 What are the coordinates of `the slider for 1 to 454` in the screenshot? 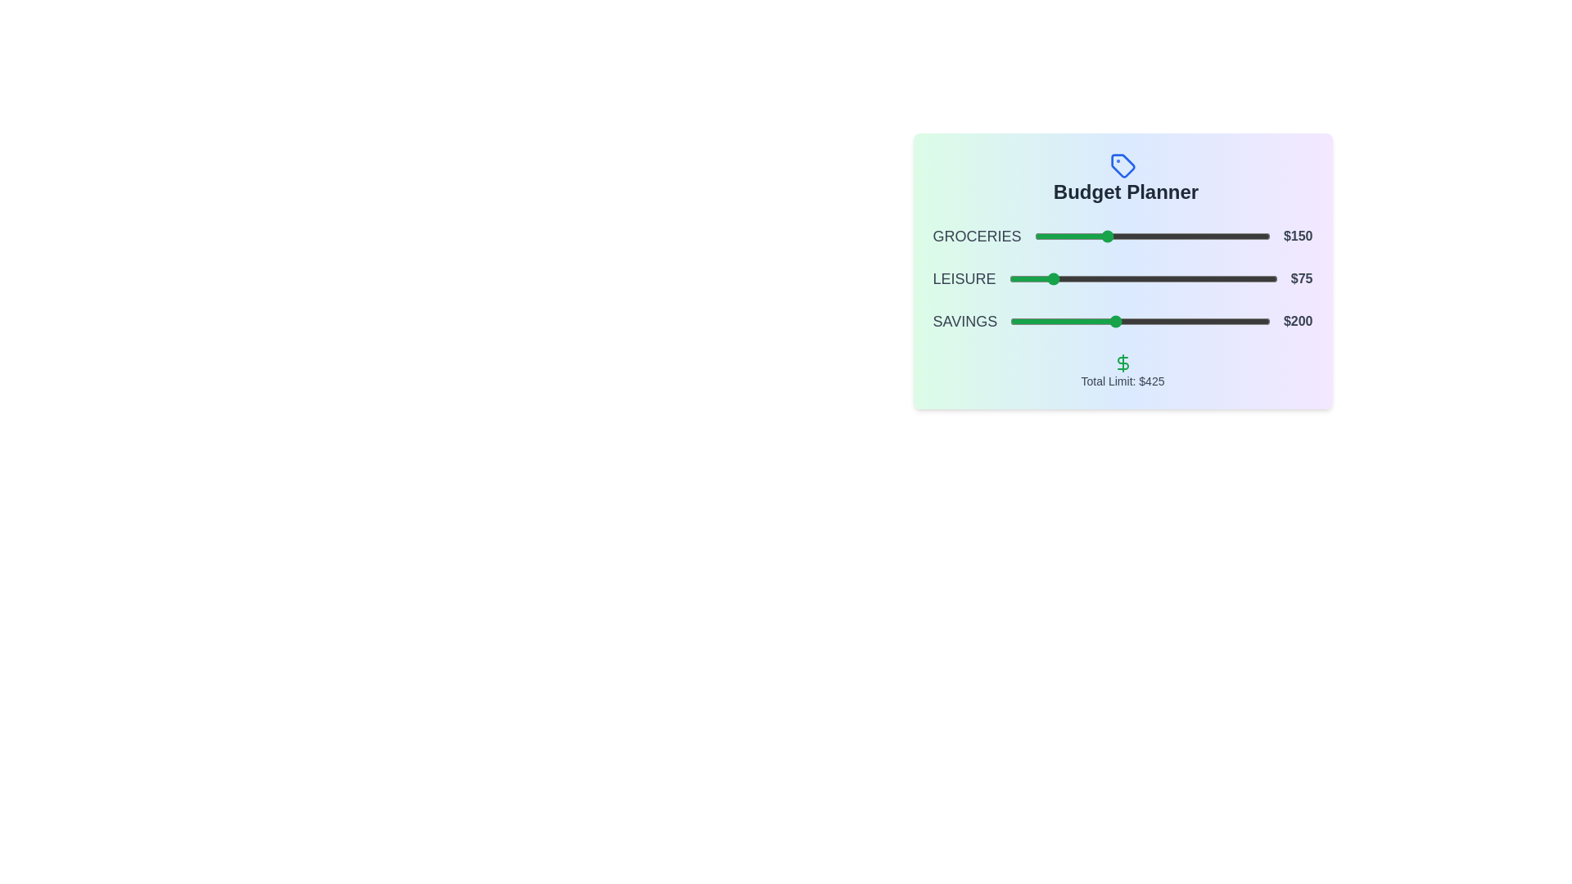 It's located at (1248, 277).